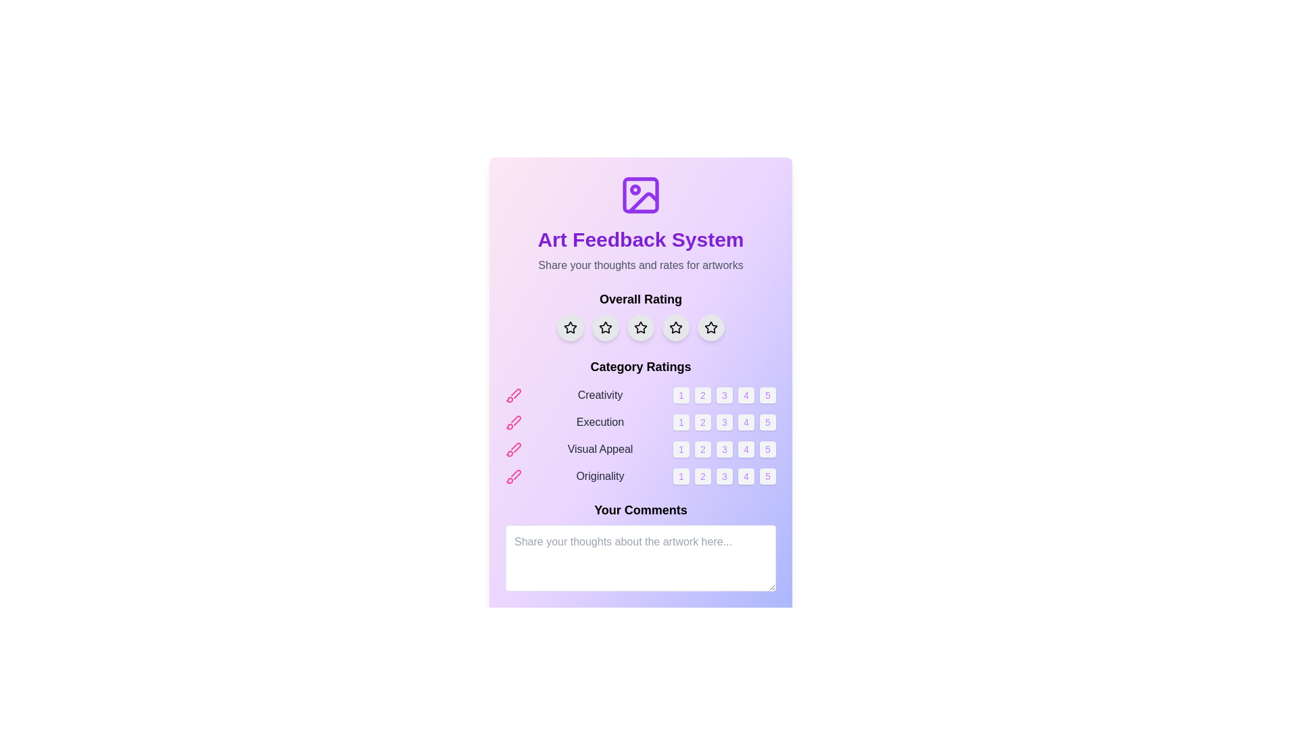 This screenshot has width=1298, height=730. What do you see at coordinates (703, 421) in the screenshot?
I see `the small square button with rounded corners containing the number '2' in purple text` at bounding box center [703, 421].